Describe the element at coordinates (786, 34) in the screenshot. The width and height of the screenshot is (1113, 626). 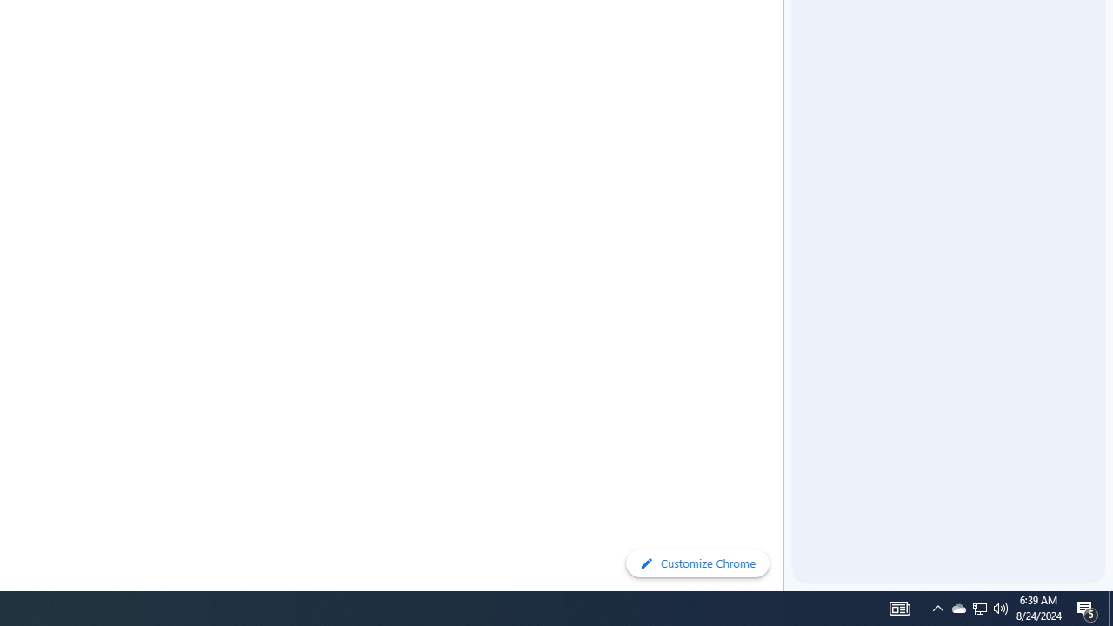
I see `'Side Panel Resize Handle'` at that location.